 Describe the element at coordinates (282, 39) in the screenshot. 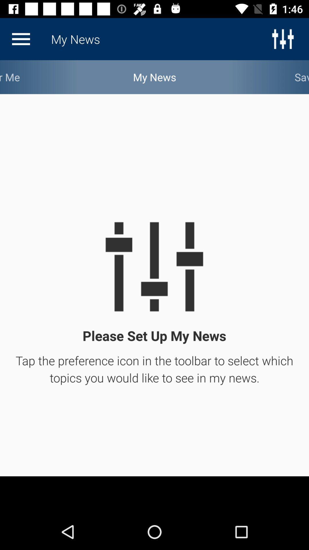

I see `the sliders icon` at that location.